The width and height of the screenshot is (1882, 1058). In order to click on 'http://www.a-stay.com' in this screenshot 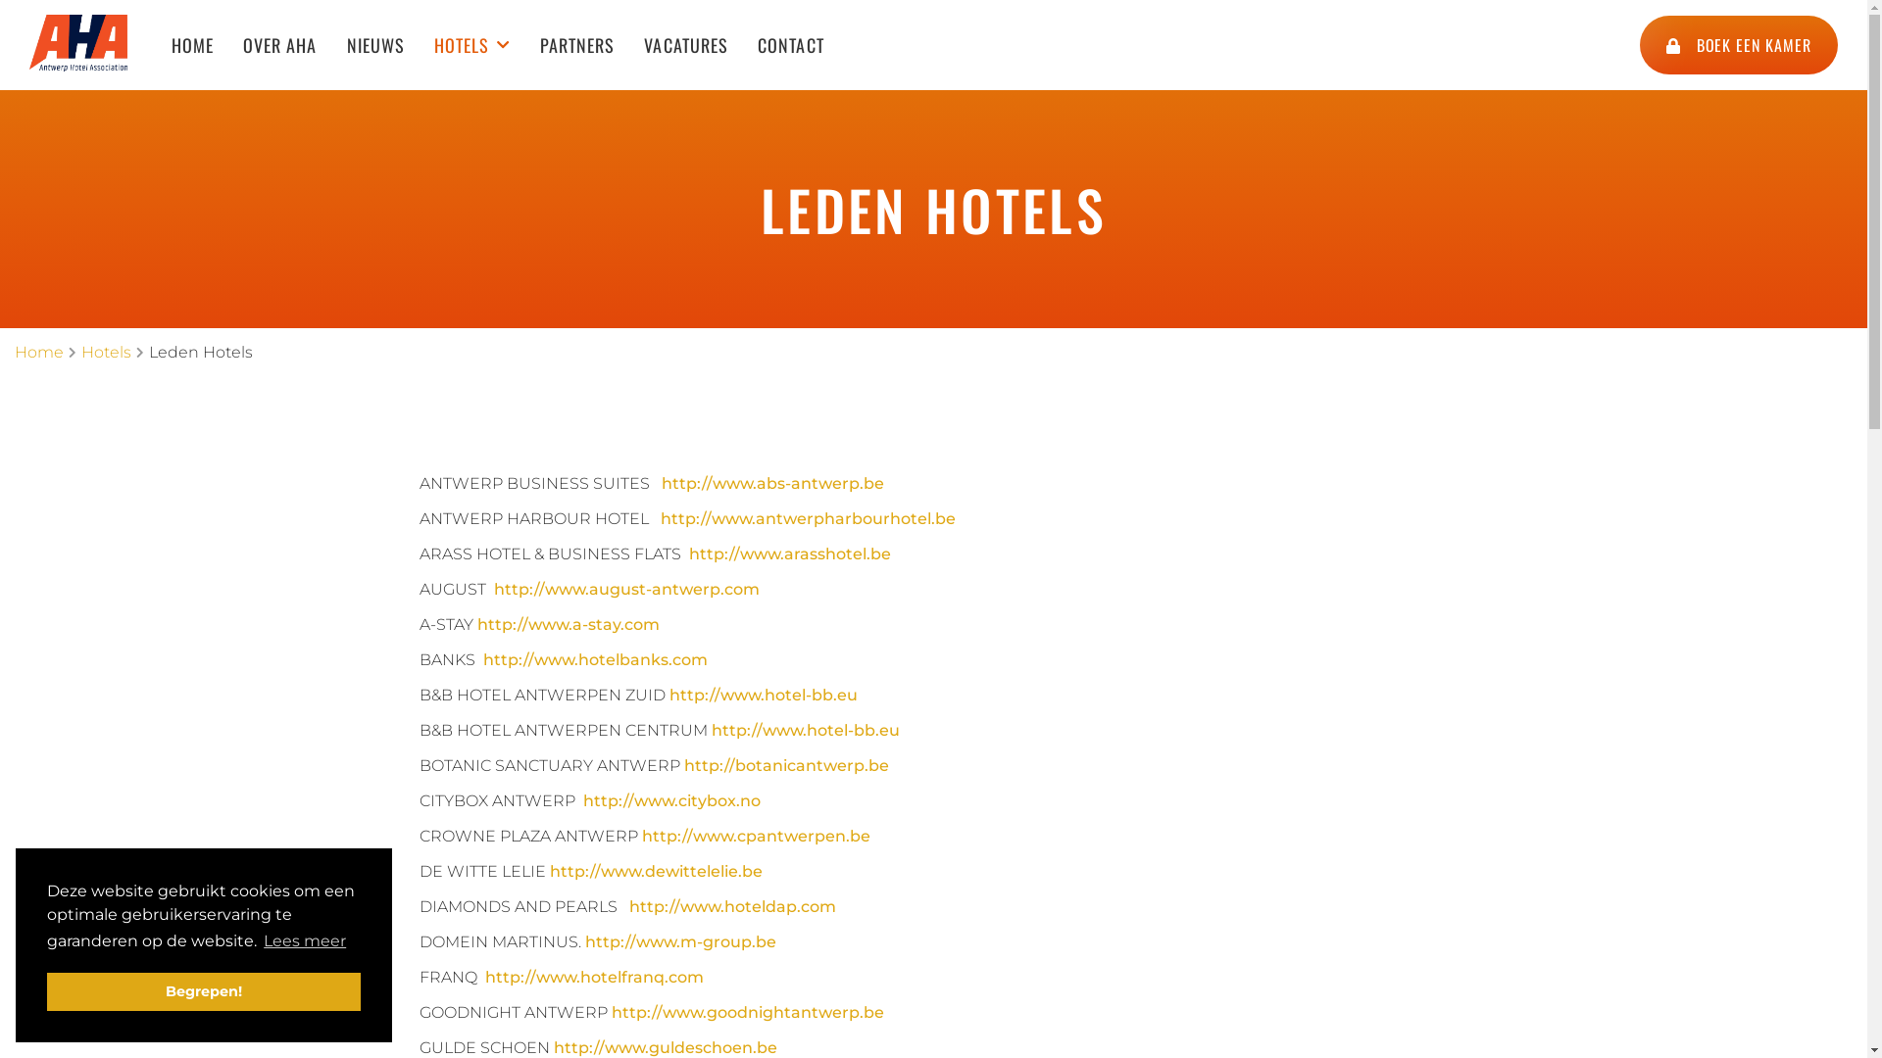, I will do `click(567, 624)`.